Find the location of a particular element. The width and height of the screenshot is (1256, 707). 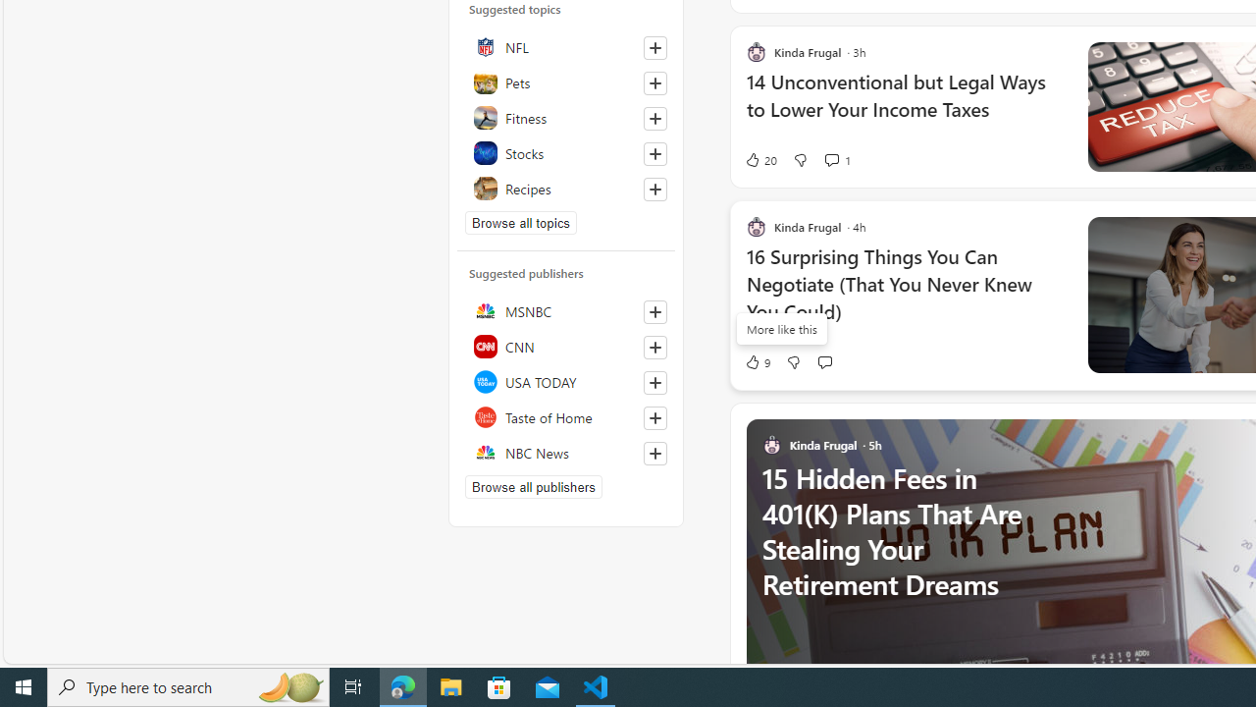

'Follow this source' is located at coordinates (655, 453).